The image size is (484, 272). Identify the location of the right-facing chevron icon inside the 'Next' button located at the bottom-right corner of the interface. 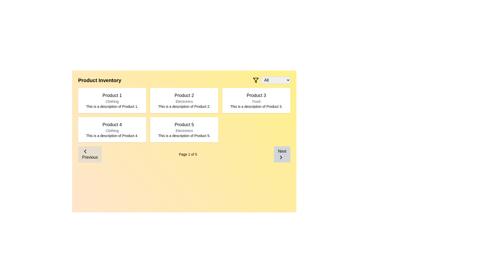
(281, 157).